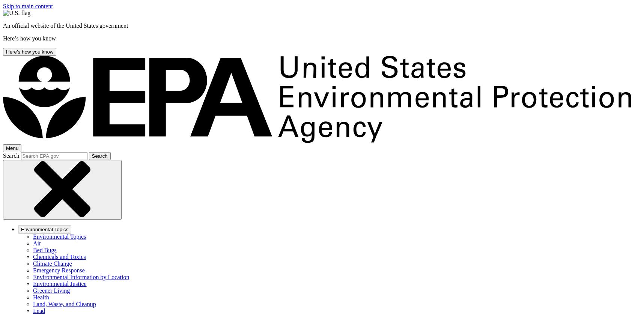 This screenshot has height=314, width=635. What do you see at coordinates (37, 243) in the screenshot?
I see `'Air'` at bounding box center [37, 243].